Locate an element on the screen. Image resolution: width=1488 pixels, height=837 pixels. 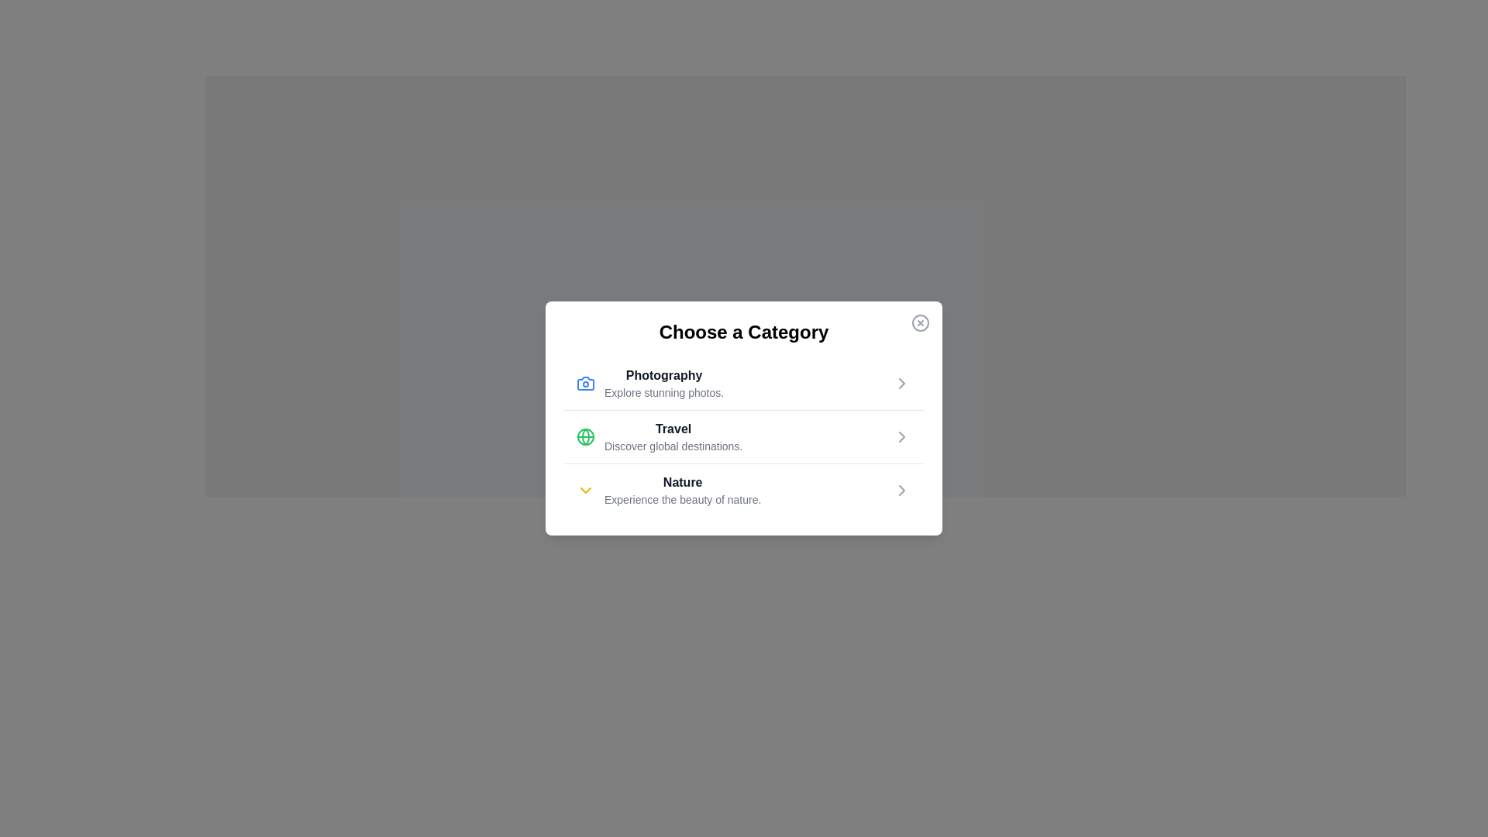
the list item labeled 'Travel' with the description 'Discover global destinations' is located at coordinates (744, 436).